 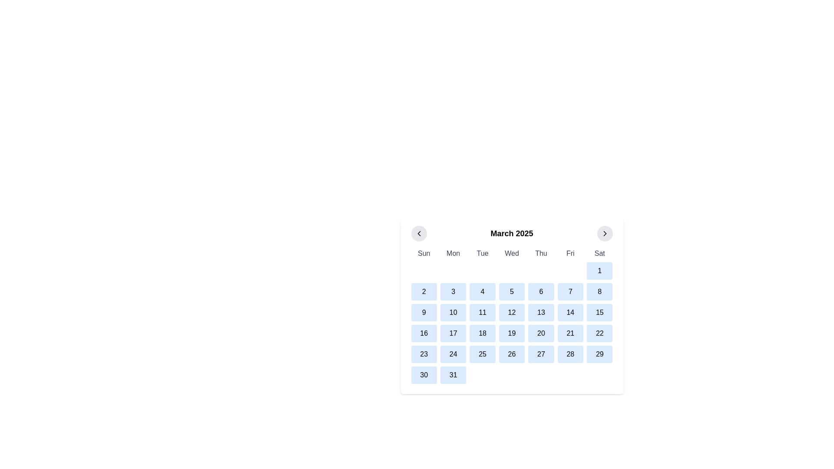 What do you see at coordinates (424, 354) in the screenshot?
I see `the square-shaped tile with a light blue background and the text '23' centrally aligned in black` at bounding box center [424, 354].